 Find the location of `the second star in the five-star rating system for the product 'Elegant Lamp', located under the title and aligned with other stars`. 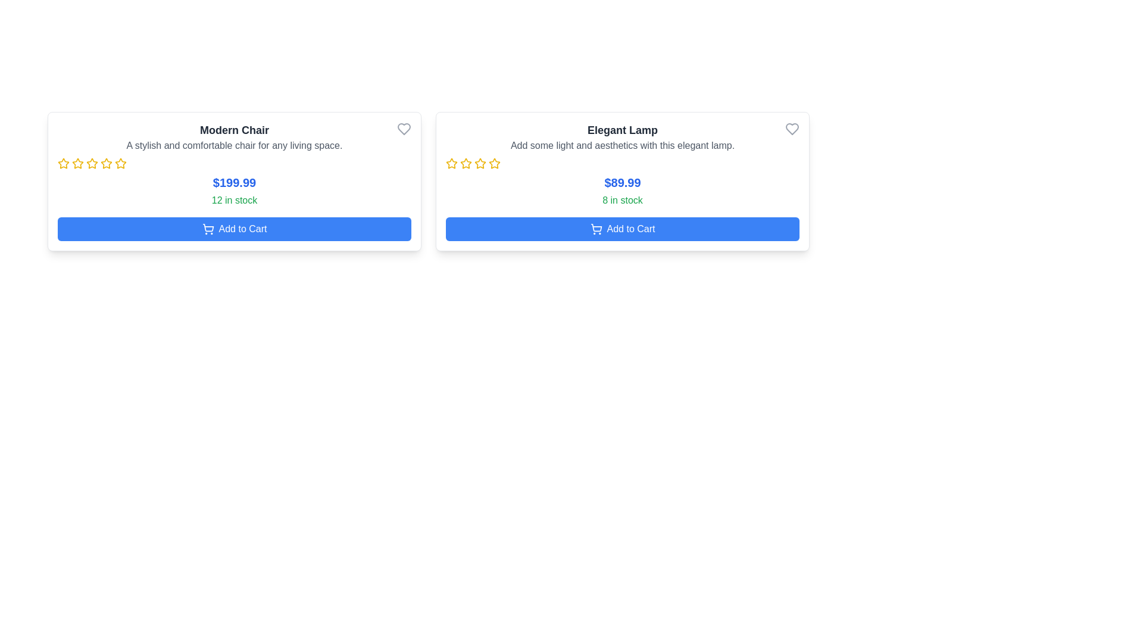

the second star in the five-star rating system for the product 'Elegant Lamp', located under the title and aligned with other stars is located at coordinates (465, 163).